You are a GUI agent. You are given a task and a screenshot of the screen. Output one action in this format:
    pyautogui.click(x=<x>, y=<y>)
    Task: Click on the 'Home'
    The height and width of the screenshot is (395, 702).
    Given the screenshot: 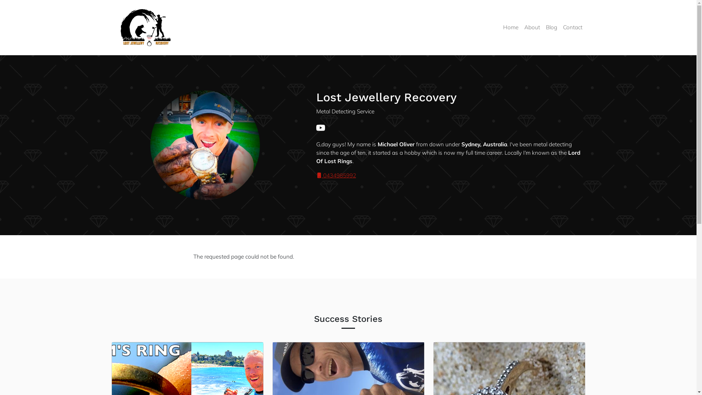 What is the action you would take?
    pyautogui.click(x=510, y=27)
    